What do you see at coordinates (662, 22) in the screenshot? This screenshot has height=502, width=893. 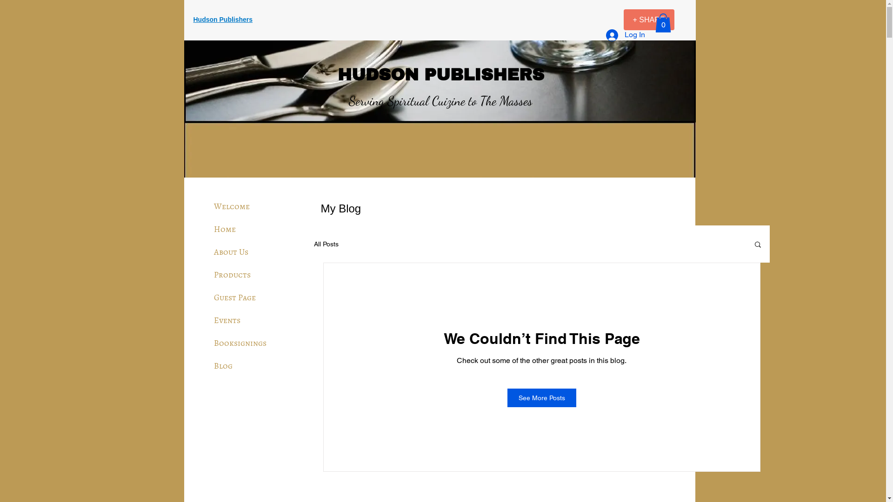 I see `'0'` at bounding box center [662, 22].